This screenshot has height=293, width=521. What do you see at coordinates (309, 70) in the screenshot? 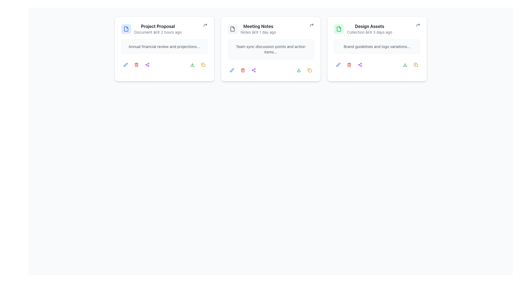
I see `the 'copy' icon within the button located at the lower-right corner of the 'Design Assets' card` at bounding box center [309, 70].